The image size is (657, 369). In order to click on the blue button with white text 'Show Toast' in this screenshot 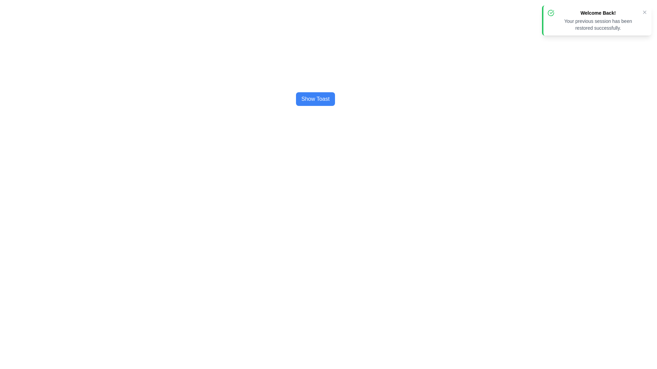, I will do `click(315, 101)`.